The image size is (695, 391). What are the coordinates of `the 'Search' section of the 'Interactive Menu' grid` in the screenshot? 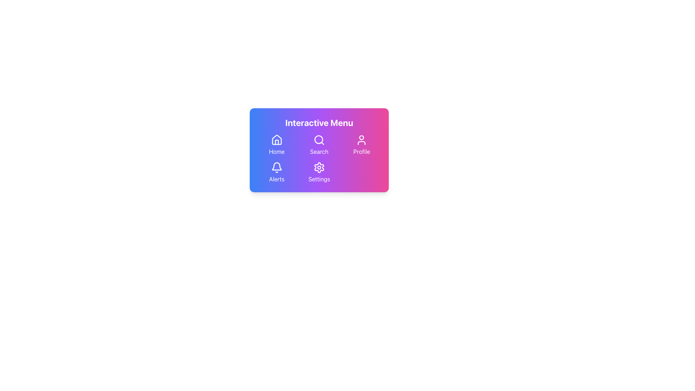 It's located at (319, 150).